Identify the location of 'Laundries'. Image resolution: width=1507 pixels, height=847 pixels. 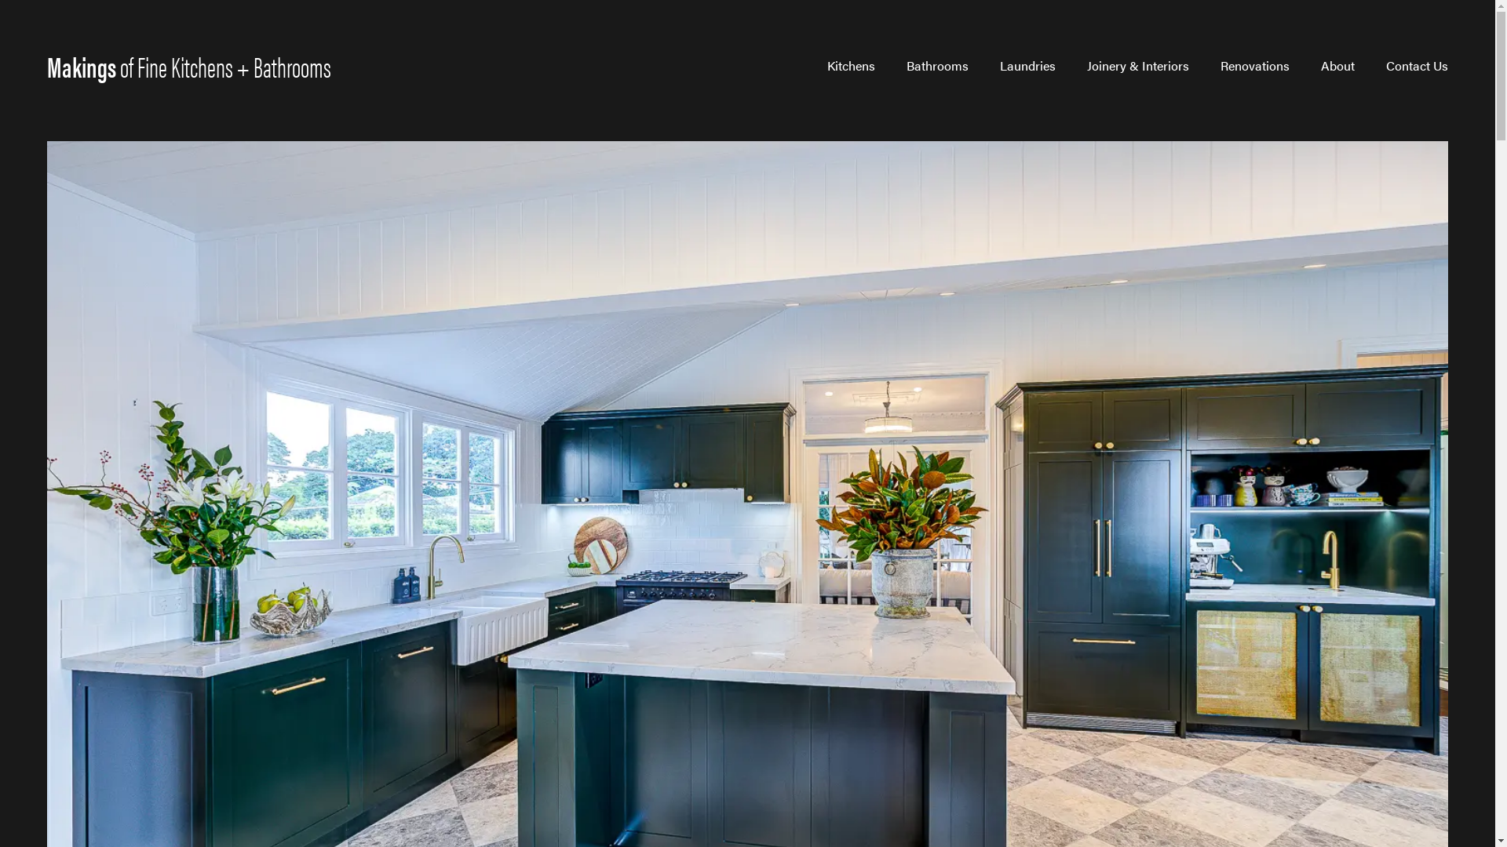
(1027, 65).